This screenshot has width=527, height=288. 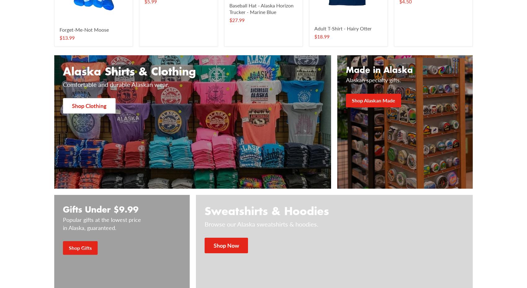 I want to click on 'Made in Alaska', so click(x=379, y=69).